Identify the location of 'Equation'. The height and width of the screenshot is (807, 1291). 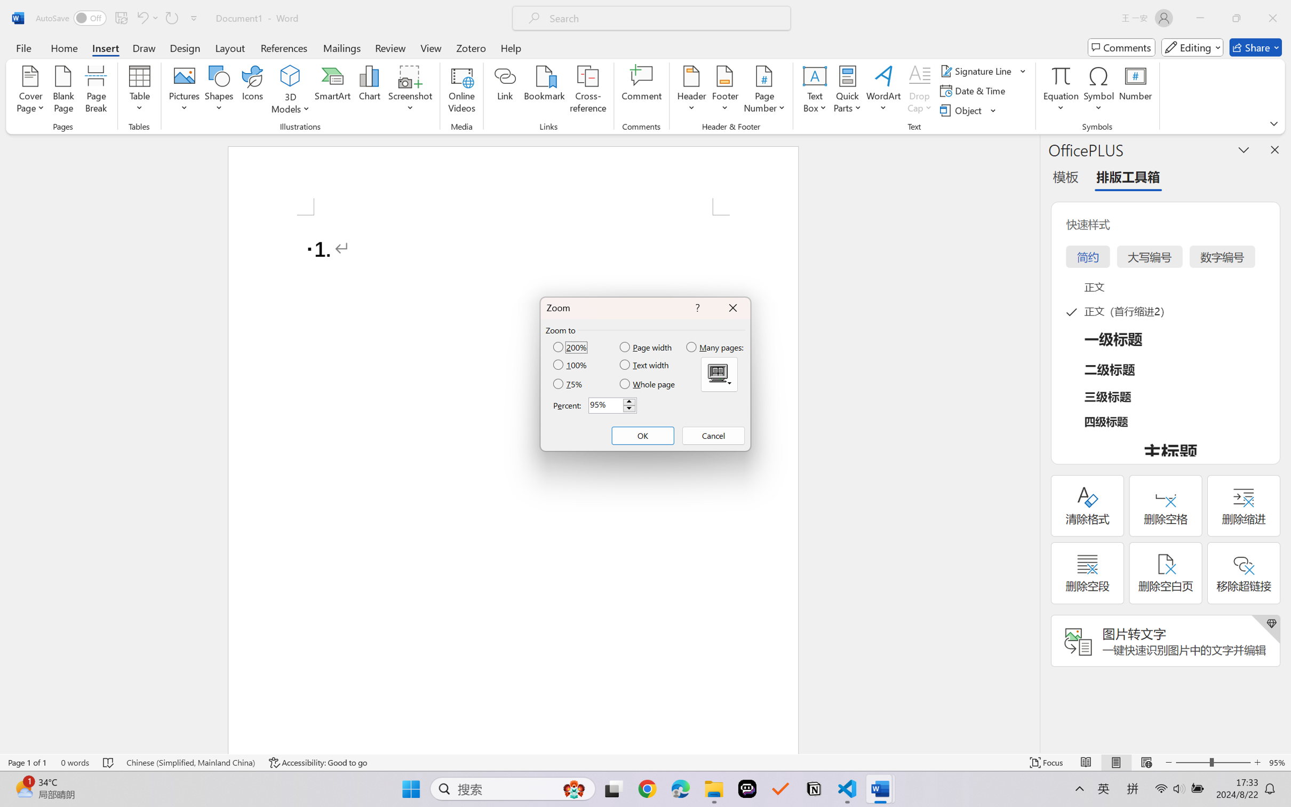
(1061, 91).